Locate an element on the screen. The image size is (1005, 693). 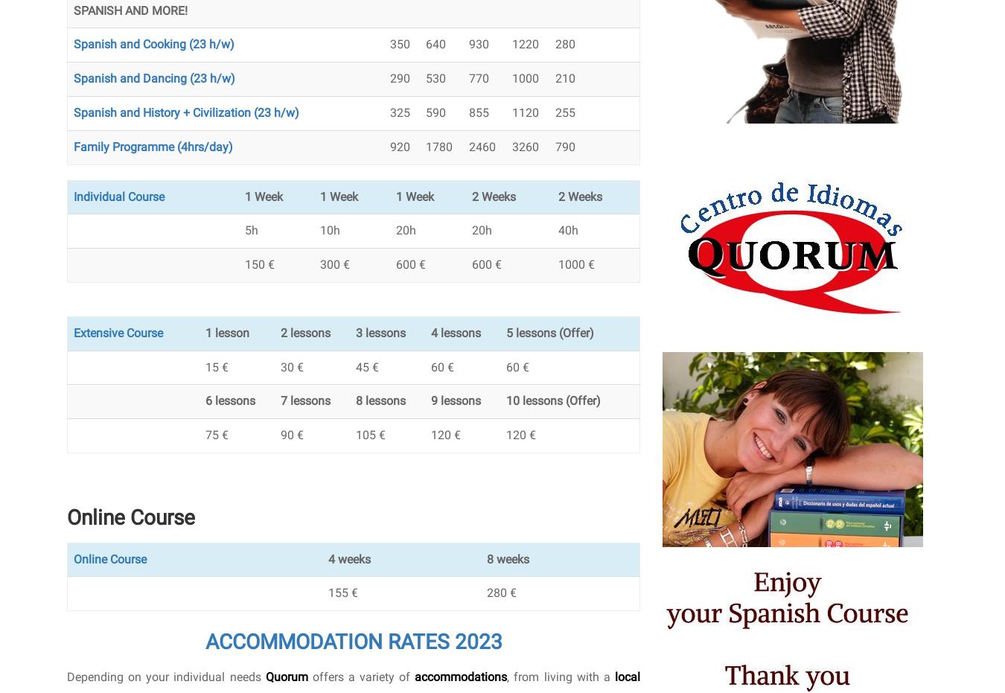
'3260' is located at coordinates (523, 145).